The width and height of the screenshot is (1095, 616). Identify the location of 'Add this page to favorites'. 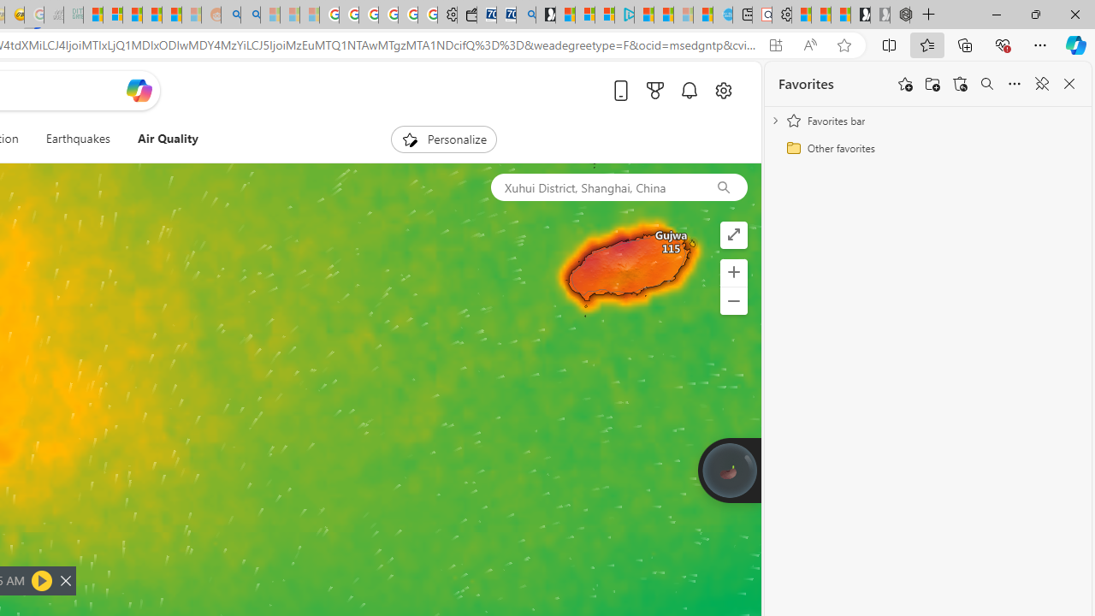
(904, 84).